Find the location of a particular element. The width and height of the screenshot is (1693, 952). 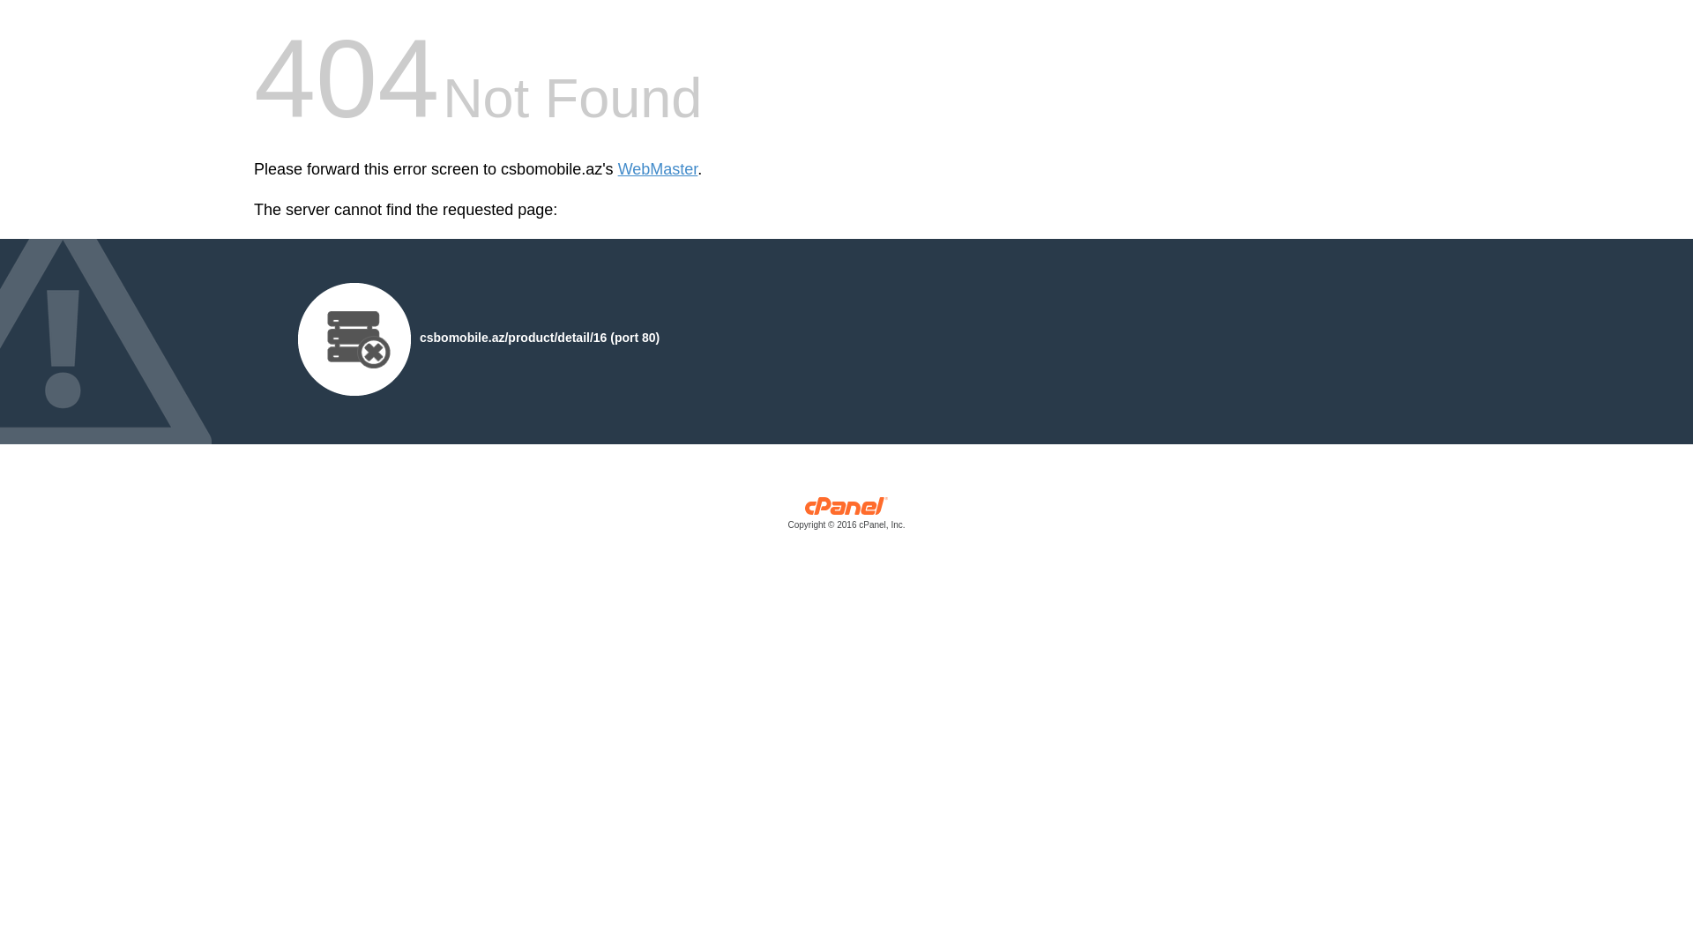

'WebMaster' is located at coordinates (657, 169).